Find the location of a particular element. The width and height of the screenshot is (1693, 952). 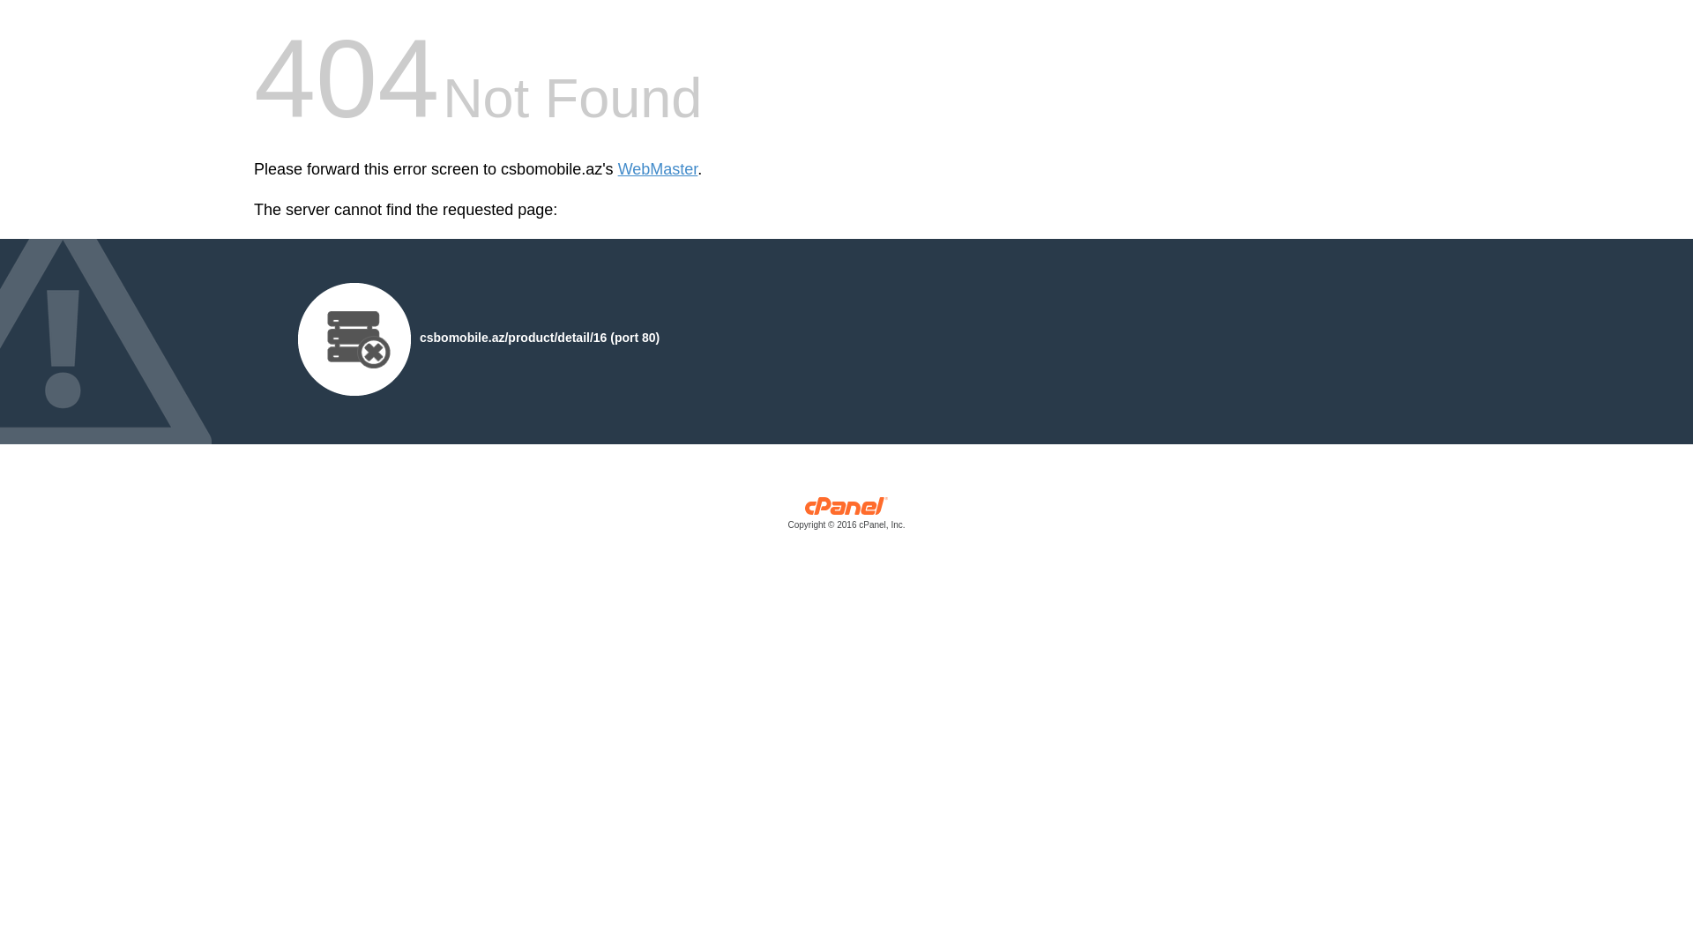

'WebMaster' is located at coordinates (657, 169).